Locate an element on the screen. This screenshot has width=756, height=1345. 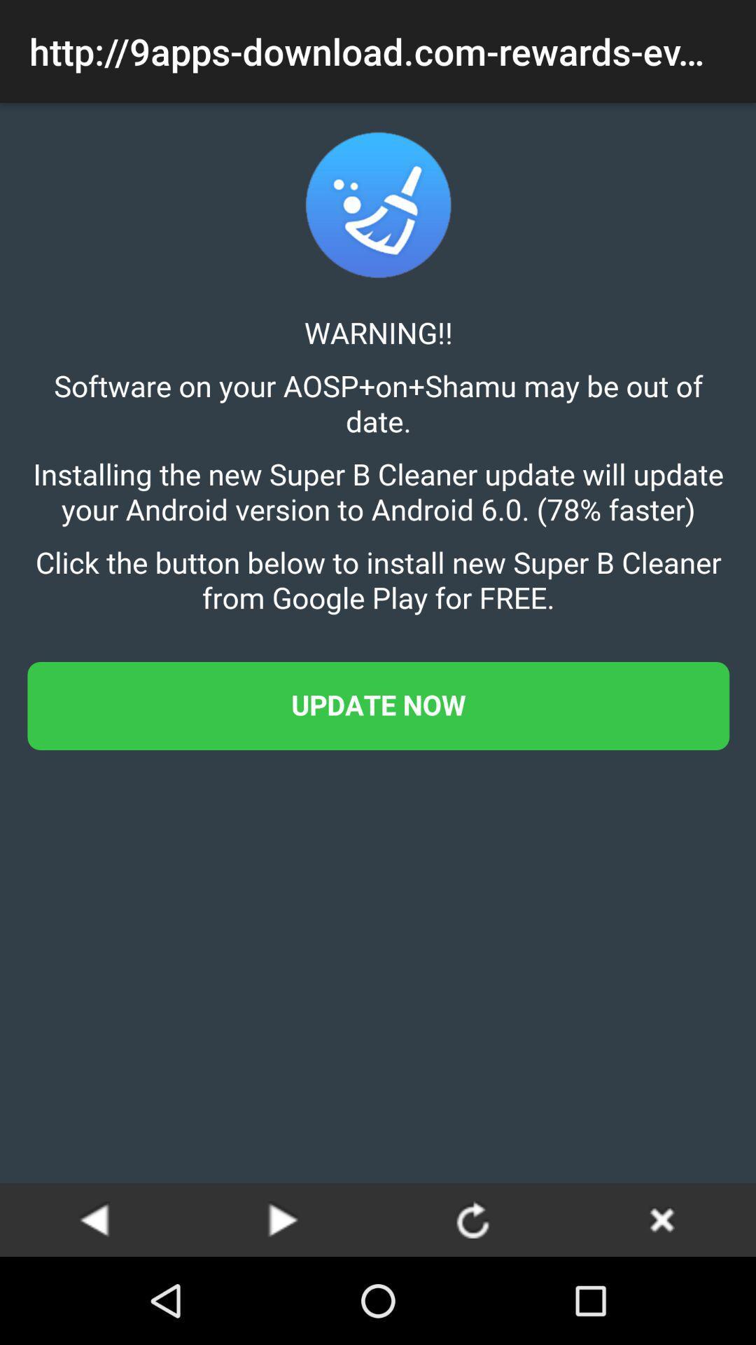
go back is located at coordinates (94, 1219).